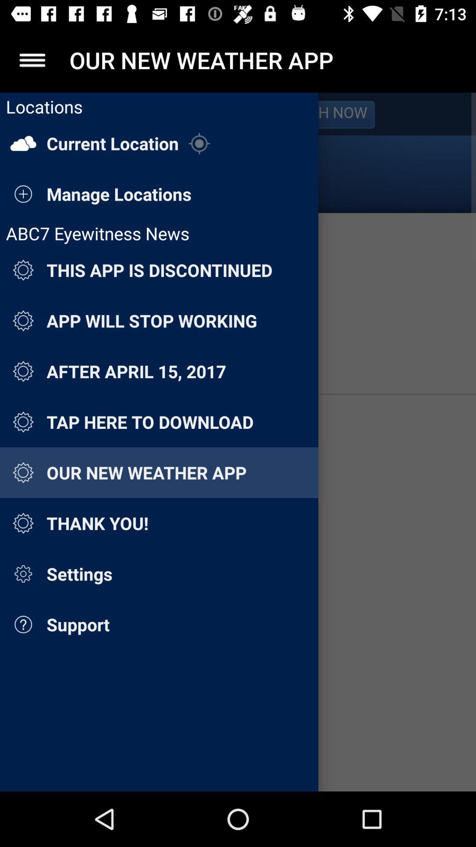 Image resolution: width=476 pixels, height=847 pixels. What do you see at coordinates (238, 442) in the screenshot?
I see `settings page` at bounding box center [238, 442].